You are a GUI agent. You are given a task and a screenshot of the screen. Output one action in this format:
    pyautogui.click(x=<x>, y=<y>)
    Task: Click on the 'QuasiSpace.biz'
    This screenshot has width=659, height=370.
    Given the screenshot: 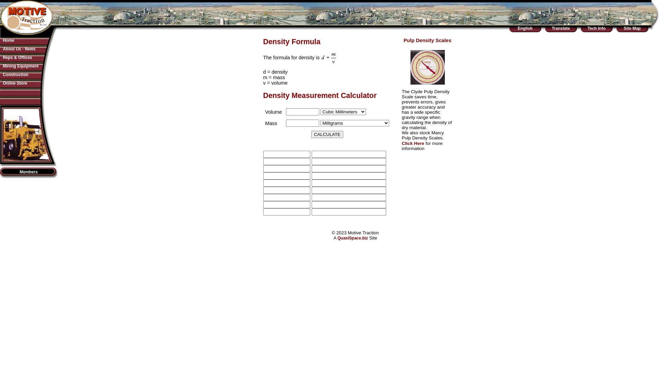 What is the action you would take?
    pyautogui.click(x=337, y=237)
    